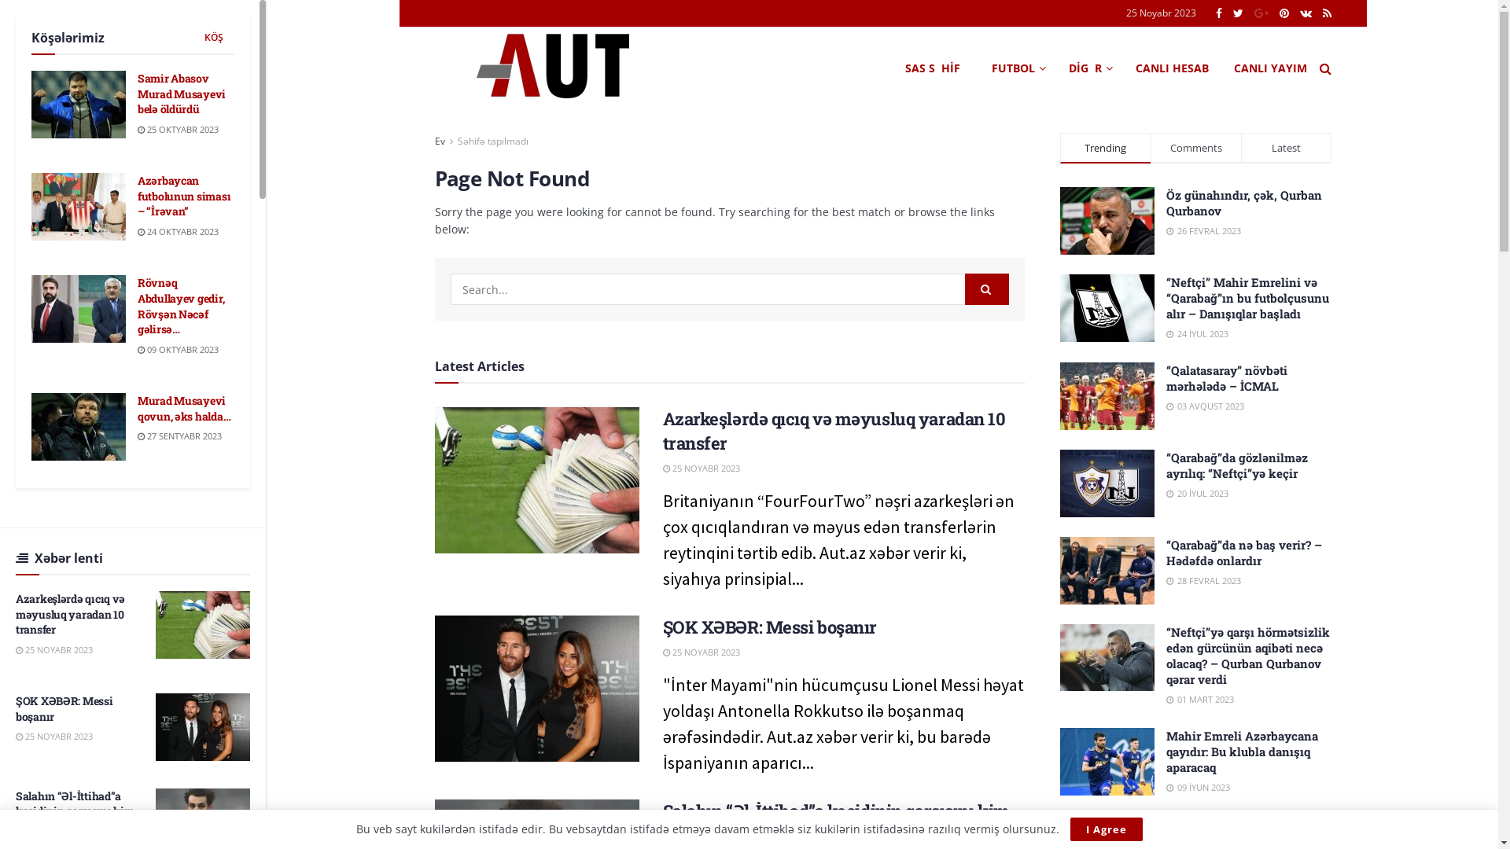 The height and width of the screenshot is (849, 1510). I want to click on '25 NOYABR 2023', so click(700, 467).